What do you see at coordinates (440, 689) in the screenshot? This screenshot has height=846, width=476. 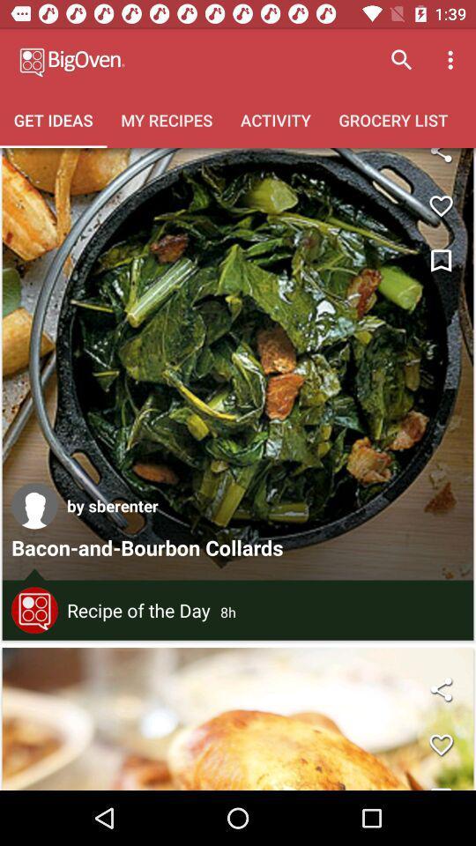 I see `share the article` at bounding box center [440, 689].